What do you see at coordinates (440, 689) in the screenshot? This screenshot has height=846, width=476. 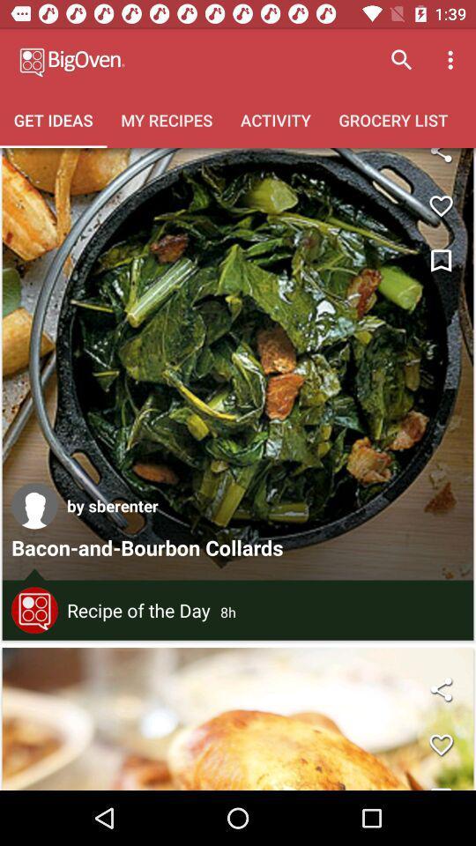 I see `share the article` at bounding box center [440, 689].